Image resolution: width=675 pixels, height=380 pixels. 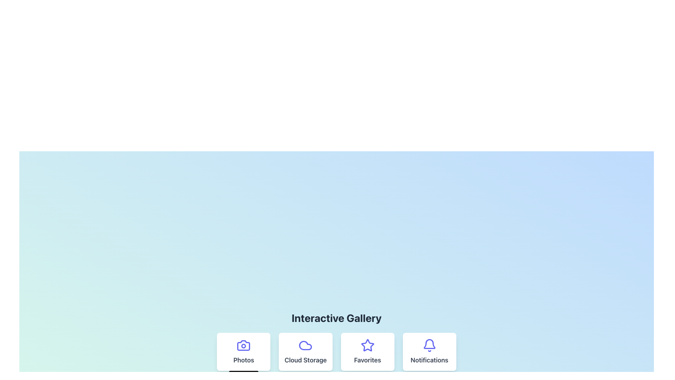 What do you see at coordinates (243, 345) in the screenshot?
I see `the 'Photos' icon, which is the first card from the left in a group of four cards` at bounding box center [243, 345].